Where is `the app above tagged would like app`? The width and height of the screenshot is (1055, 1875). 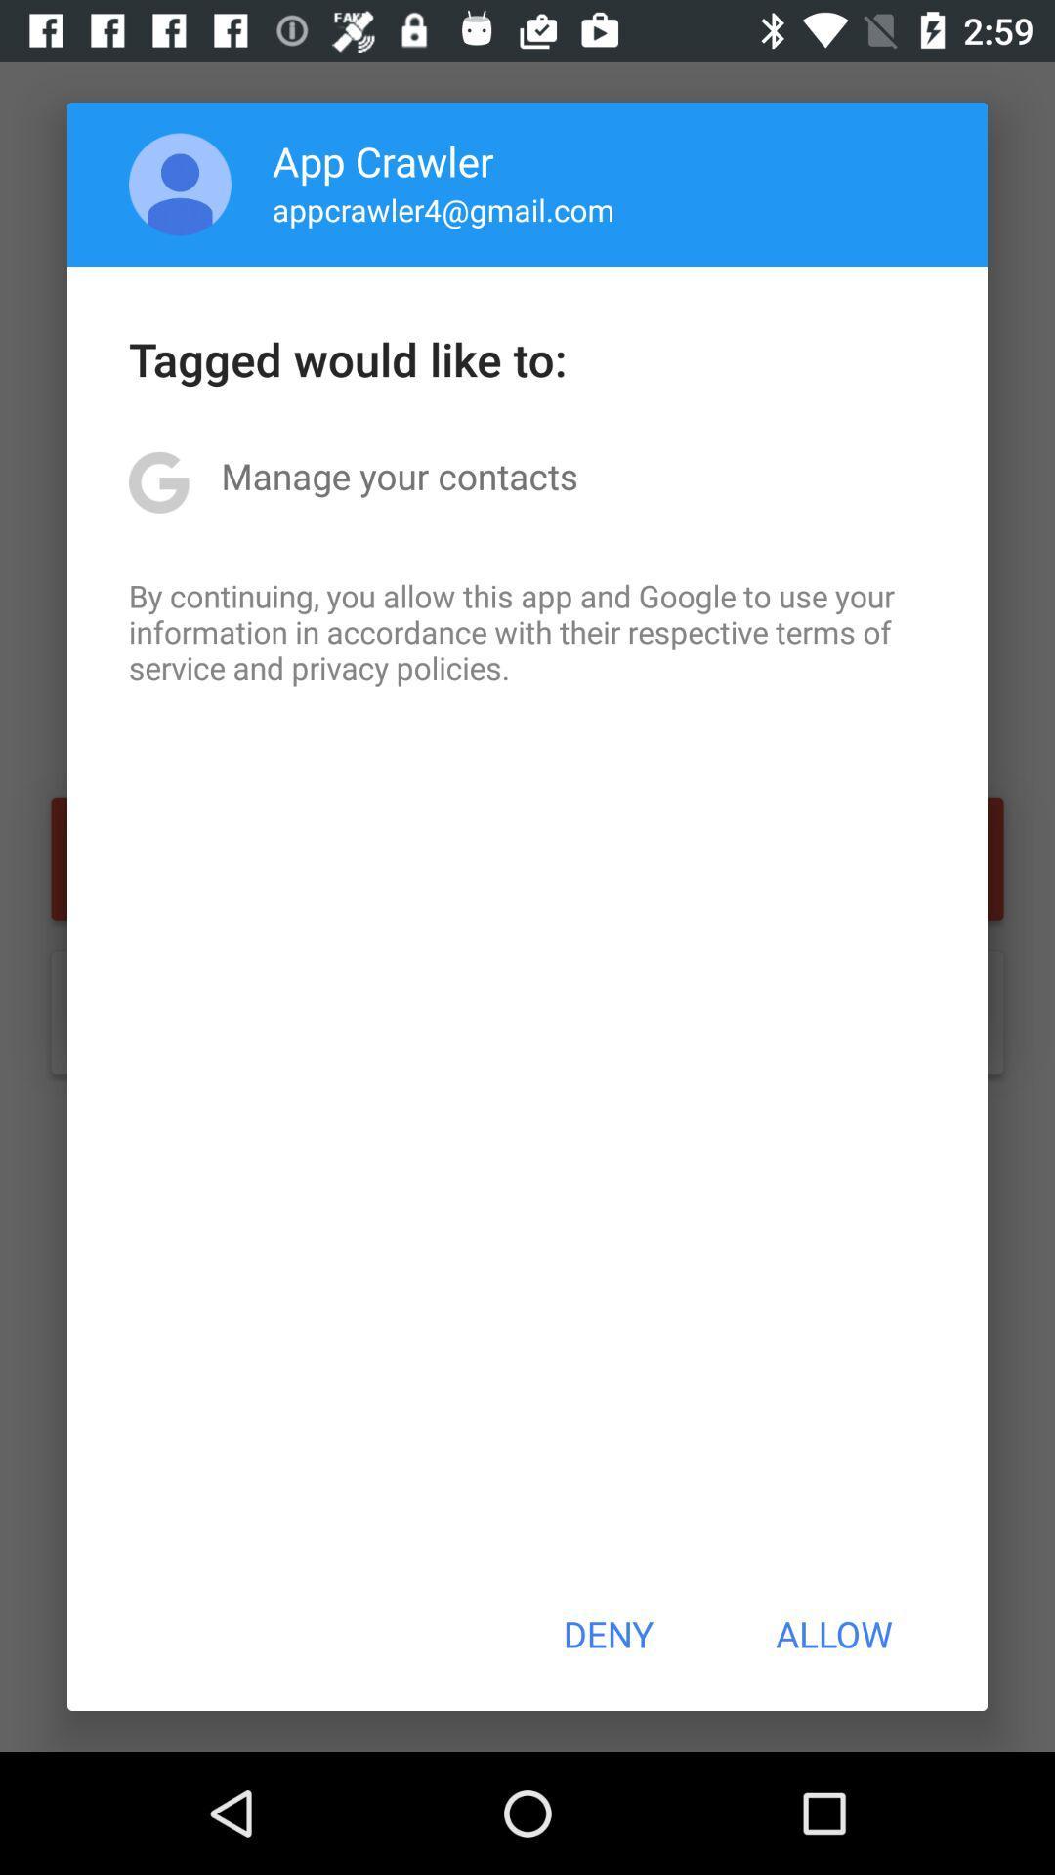
the app above tagged would like app is located at coordinates (443, 209).